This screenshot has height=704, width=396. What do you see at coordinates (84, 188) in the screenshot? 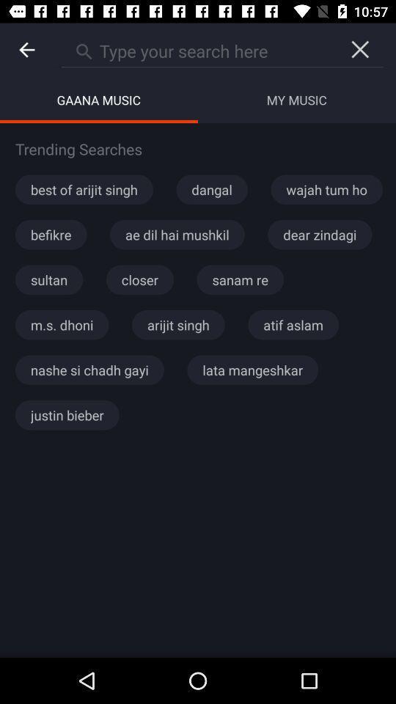
I see `the item below the trending searches item` at bounding box center [84, 188].